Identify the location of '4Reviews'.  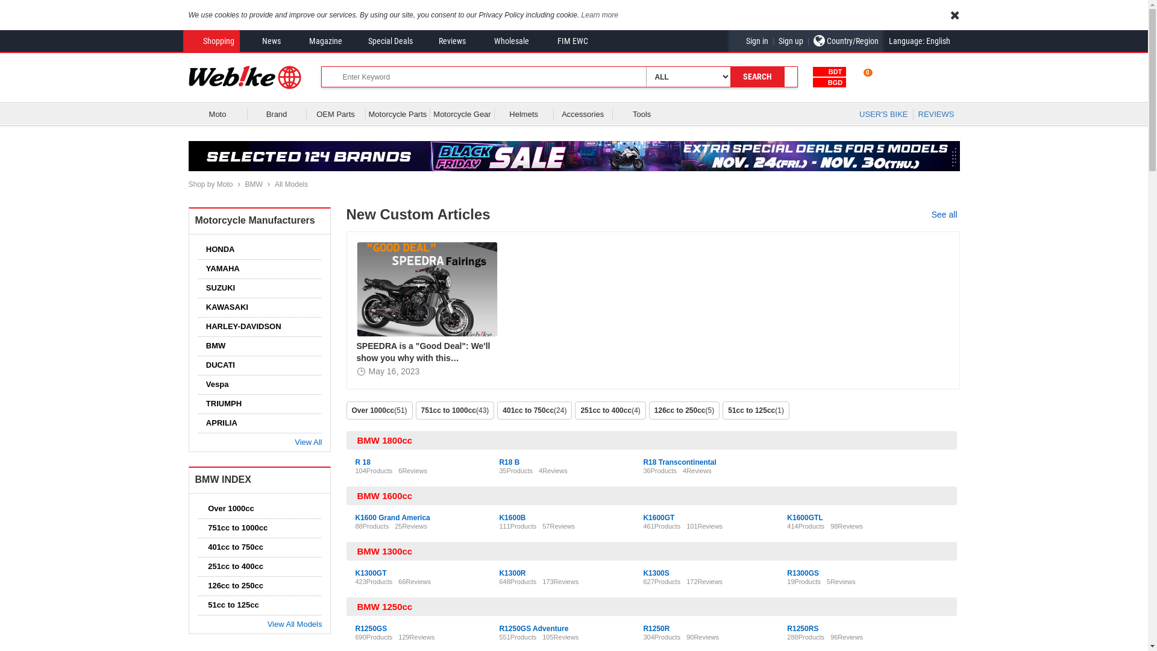
(538, 470).